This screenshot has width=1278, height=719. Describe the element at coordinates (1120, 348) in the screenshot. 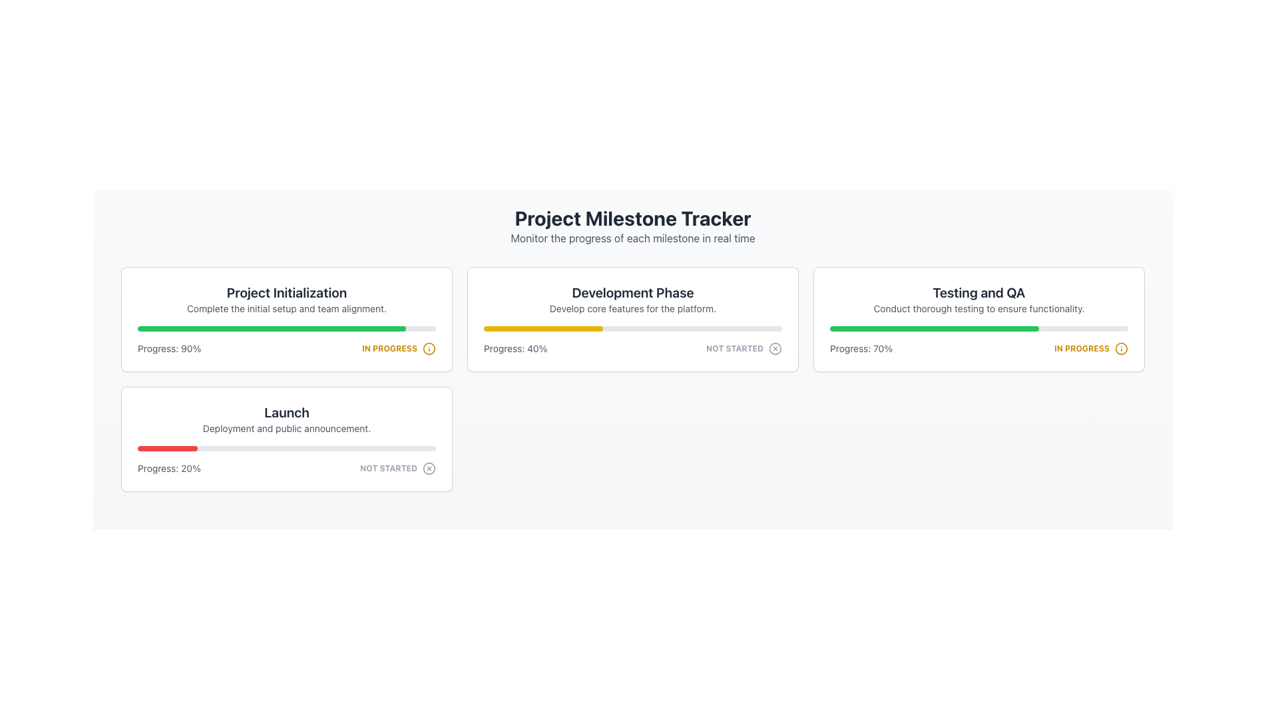

I see `the icon located in the bottom-right corner of the 'Testing and QA' card` at that location.